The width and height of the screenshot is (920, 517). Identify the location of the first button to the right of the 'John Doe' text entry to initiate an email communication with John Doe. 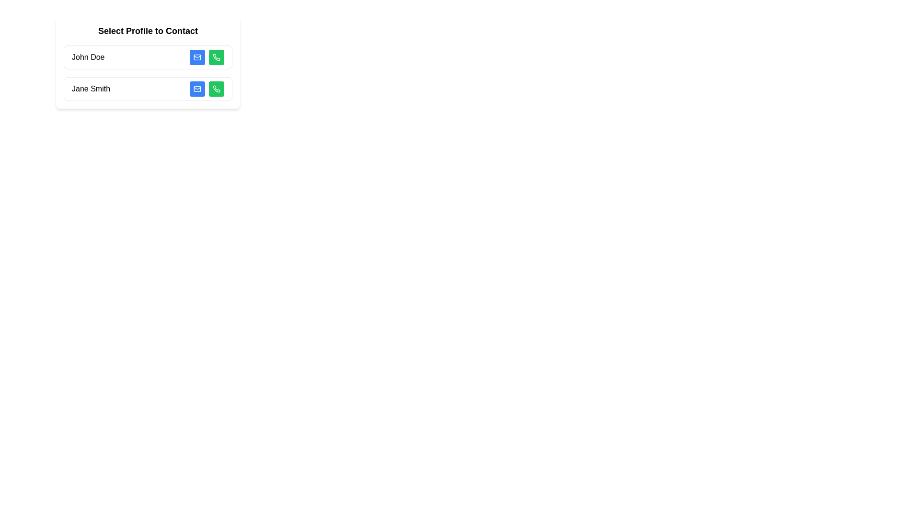
(197, 57).